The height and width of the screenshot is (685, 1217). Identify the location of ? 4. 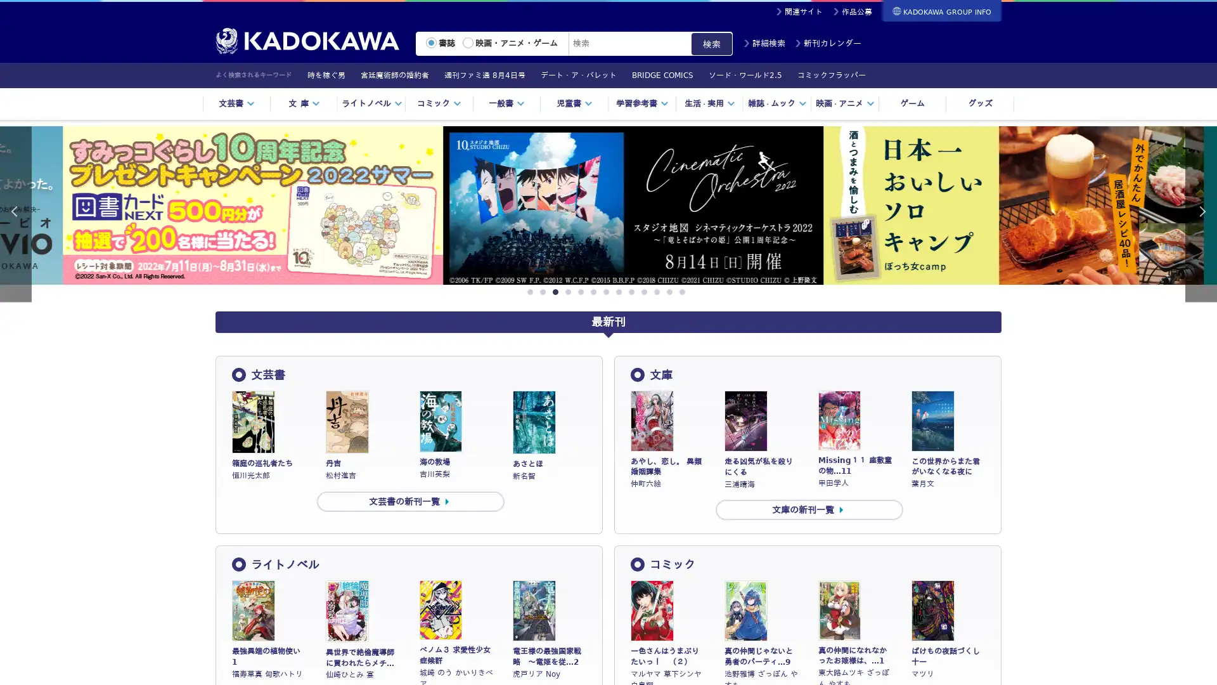
(650, 95).